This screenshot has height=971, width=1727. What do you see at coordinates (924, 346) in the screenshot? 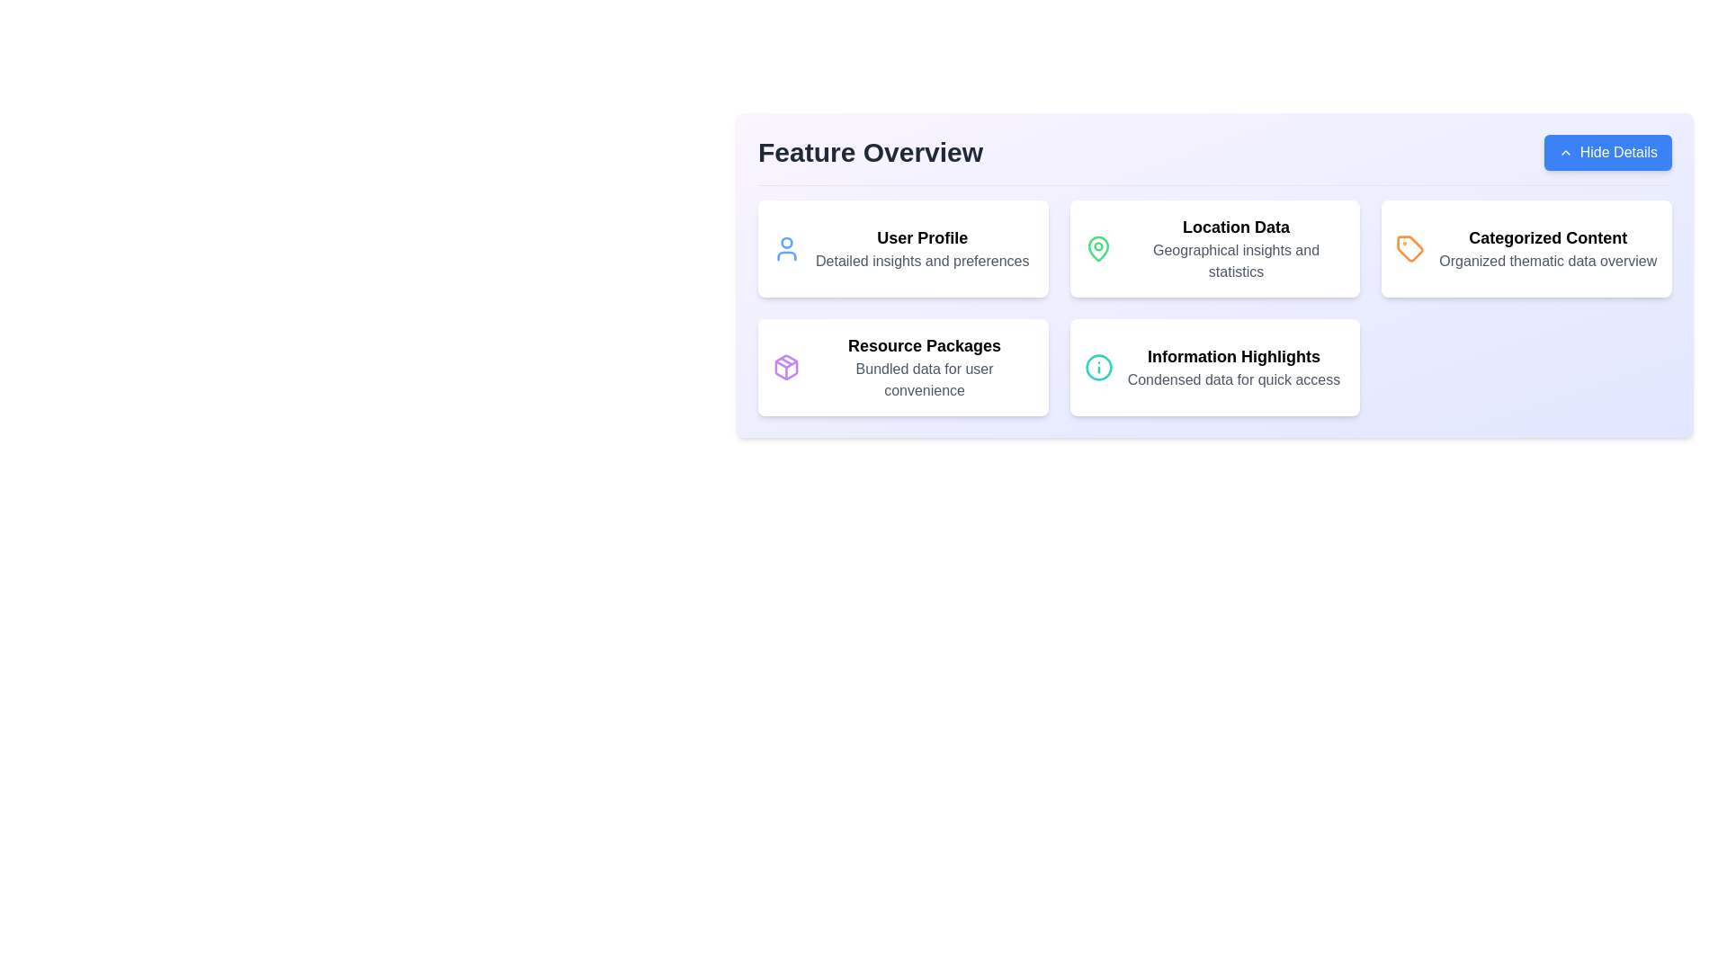
I see `the text label displaying 'Resource Packages' which is centrally positioned in a light purple box, located in the second row, first column of the grid in the 'Feature Overview' section` at bounding box center [924, 346].